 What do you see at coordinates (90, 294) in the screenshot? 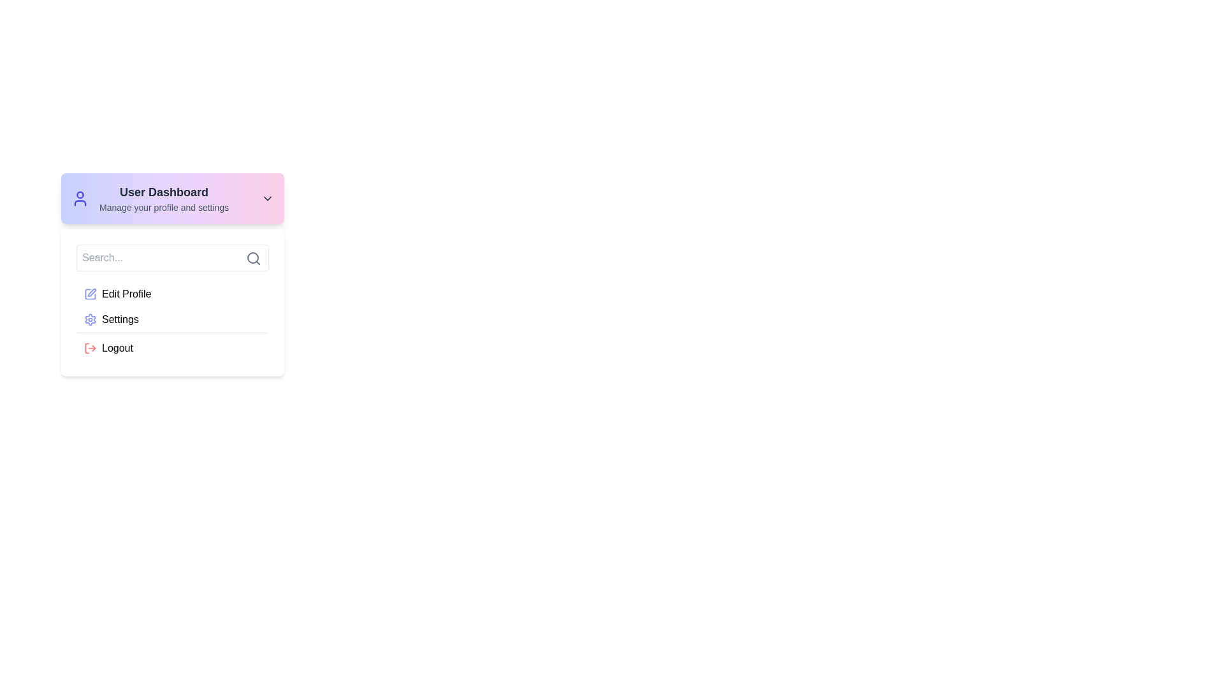
I see `the square-shaped blue icon with a pen symbol located before the 'Edit Profile' text` at bounding box center [90, 294].